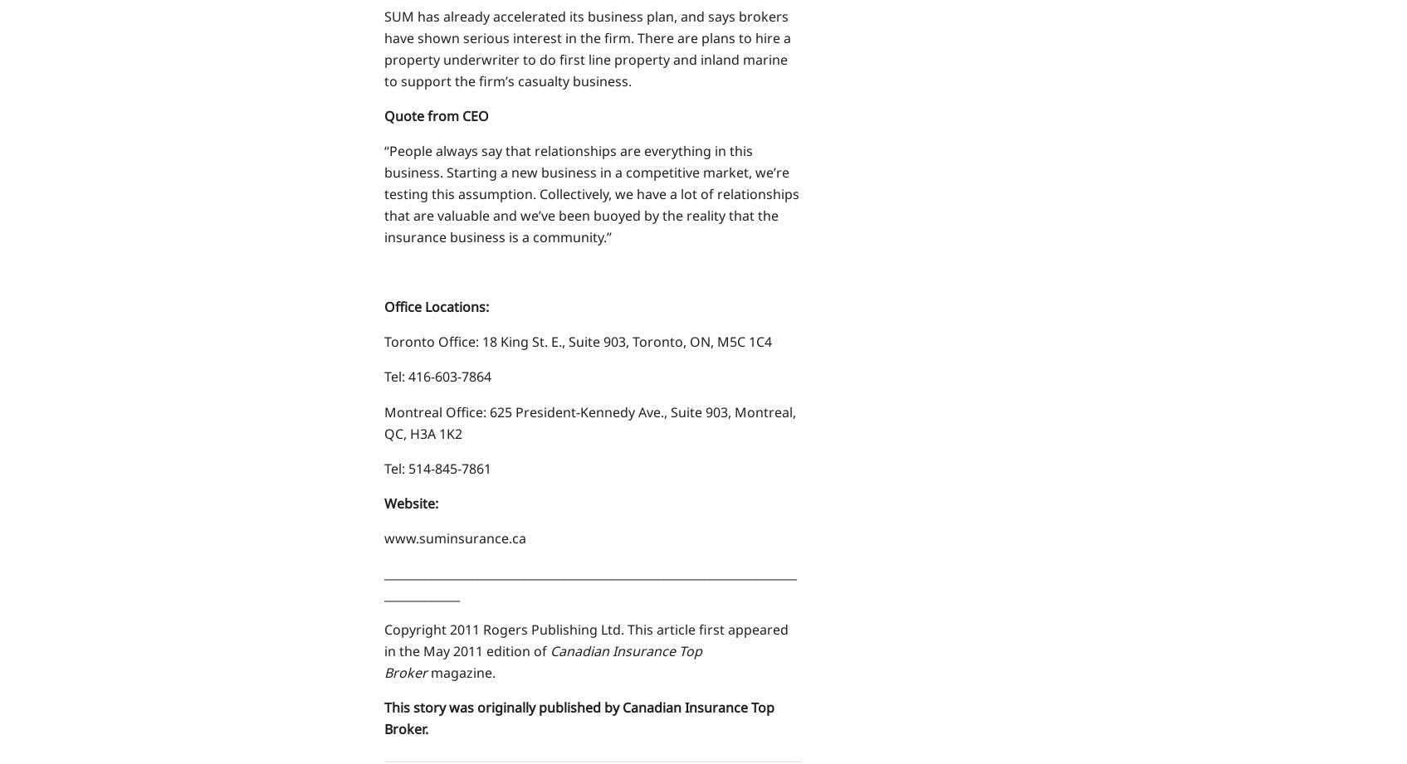  What do you see at coordinates (383, 341) in the screenshot?
I see `'Toronto Office: 18 King St. E., Suite 903, Toronto, ON, M5C 1C4'` at bounding box center [383, 341].